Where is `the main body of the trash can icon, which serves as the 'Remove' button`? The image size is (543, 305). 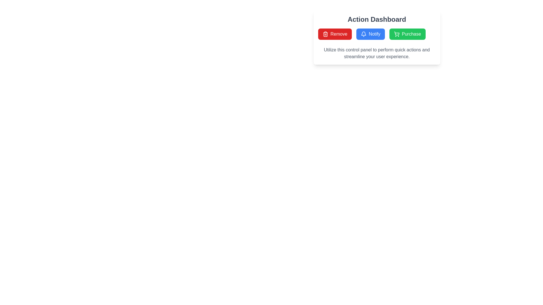
the main body of the trash can icon, which serves as the 'Remove' button is located at coordinates (325, 34).